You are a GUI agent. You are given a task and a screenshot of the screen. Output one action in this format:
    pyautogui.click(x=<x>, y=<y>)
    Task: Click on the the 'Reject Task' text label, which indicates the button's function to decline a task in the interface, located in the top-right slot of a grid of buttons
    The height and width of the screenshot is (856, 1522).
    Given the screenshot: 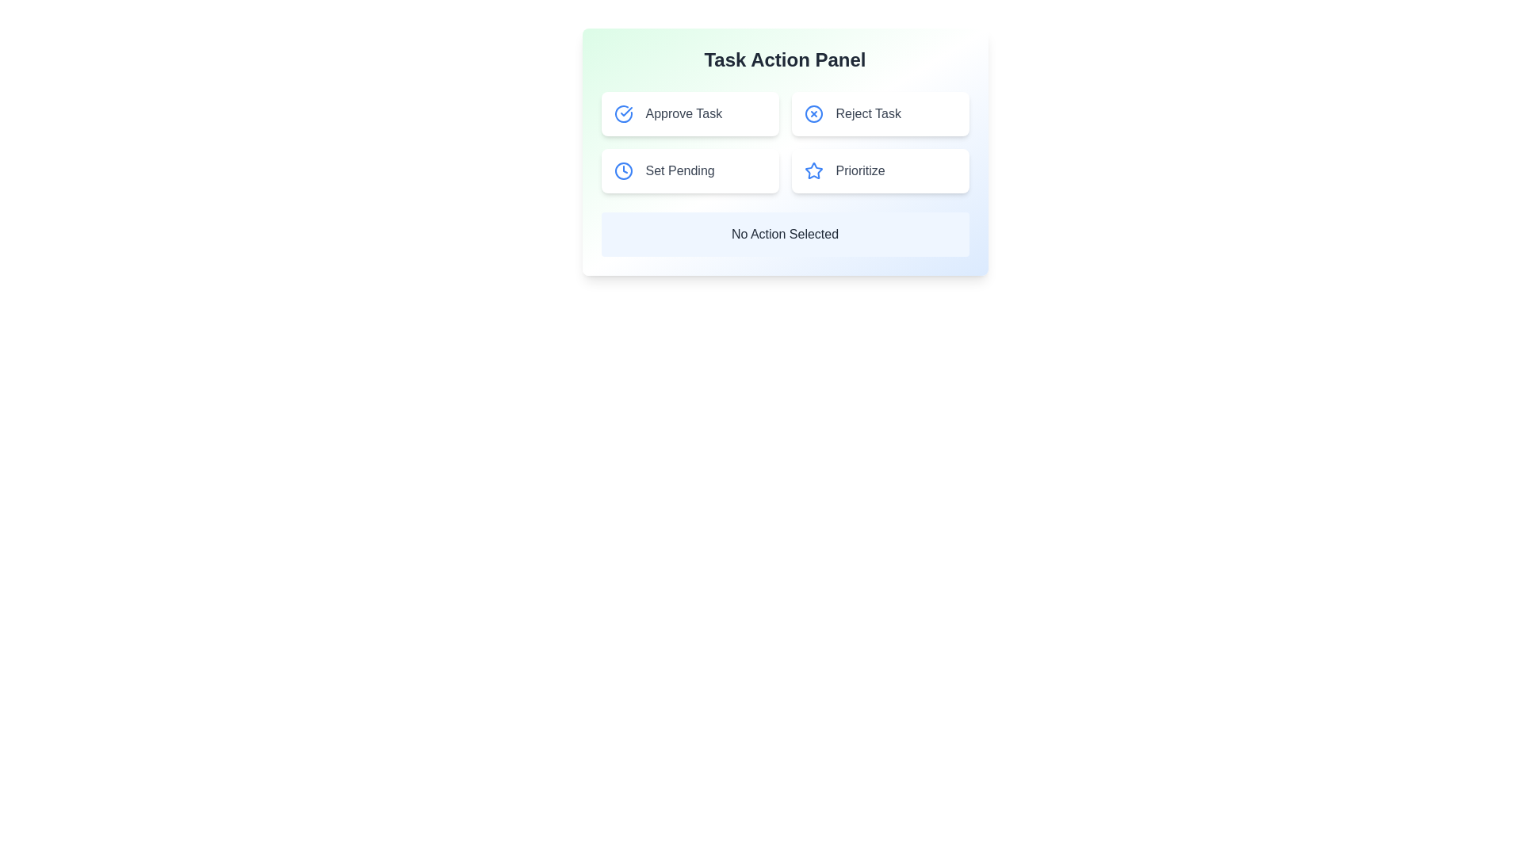 What is the action you would take?
    pyautogui.click(x=867, y=113)
    